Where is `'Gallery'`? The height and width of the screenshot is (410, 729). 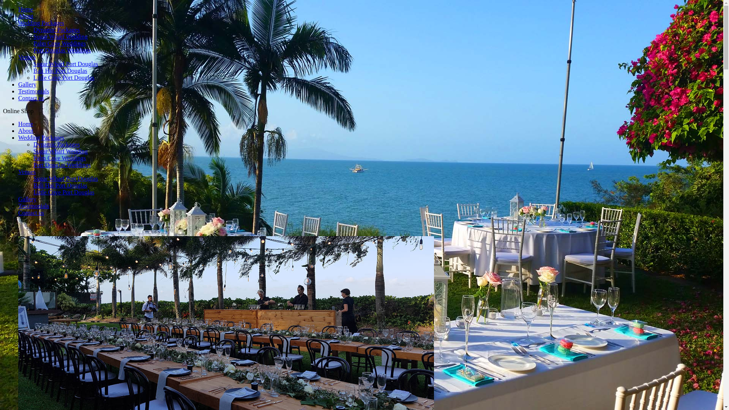
'Gallery' is located at coordinates (27, 84).